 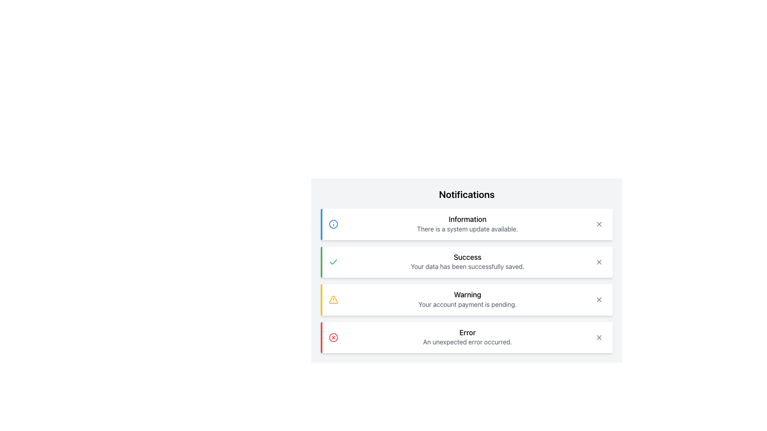 I want to click on the close button for the 'Error' notification message to change its background color, so click(x=599, y=337).